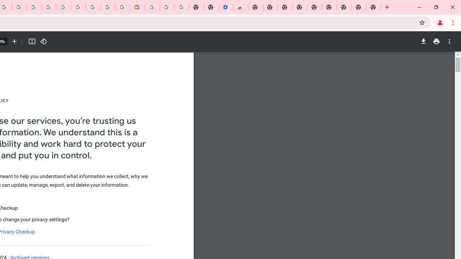  I want to click on 'Print', so click(436, 41).